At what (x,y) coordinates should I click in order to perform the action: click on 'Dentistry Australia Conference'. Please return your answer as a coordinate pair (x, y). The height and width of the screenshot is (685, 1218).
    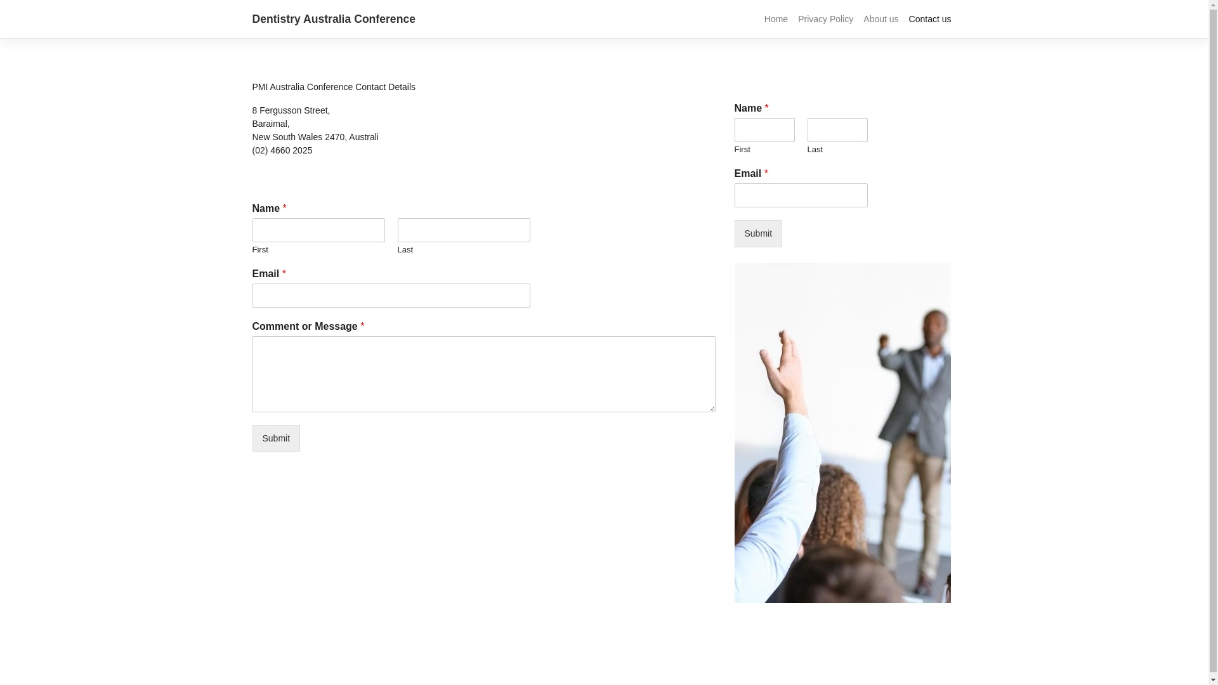
    Looking at the image, I should click on (252, 19).